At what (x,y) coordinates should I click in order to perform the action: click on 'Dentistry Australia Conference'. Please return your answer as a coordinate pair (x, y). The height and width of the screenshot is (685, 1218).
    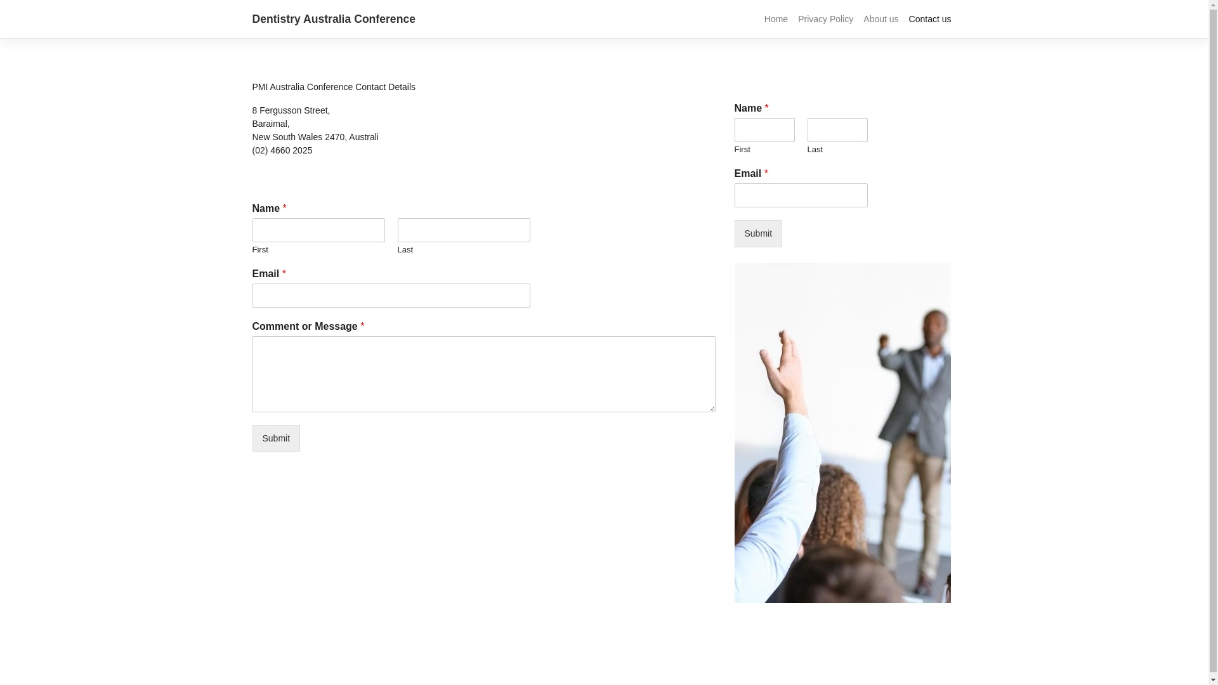
    Looking at the image, I should click on (252, 19).